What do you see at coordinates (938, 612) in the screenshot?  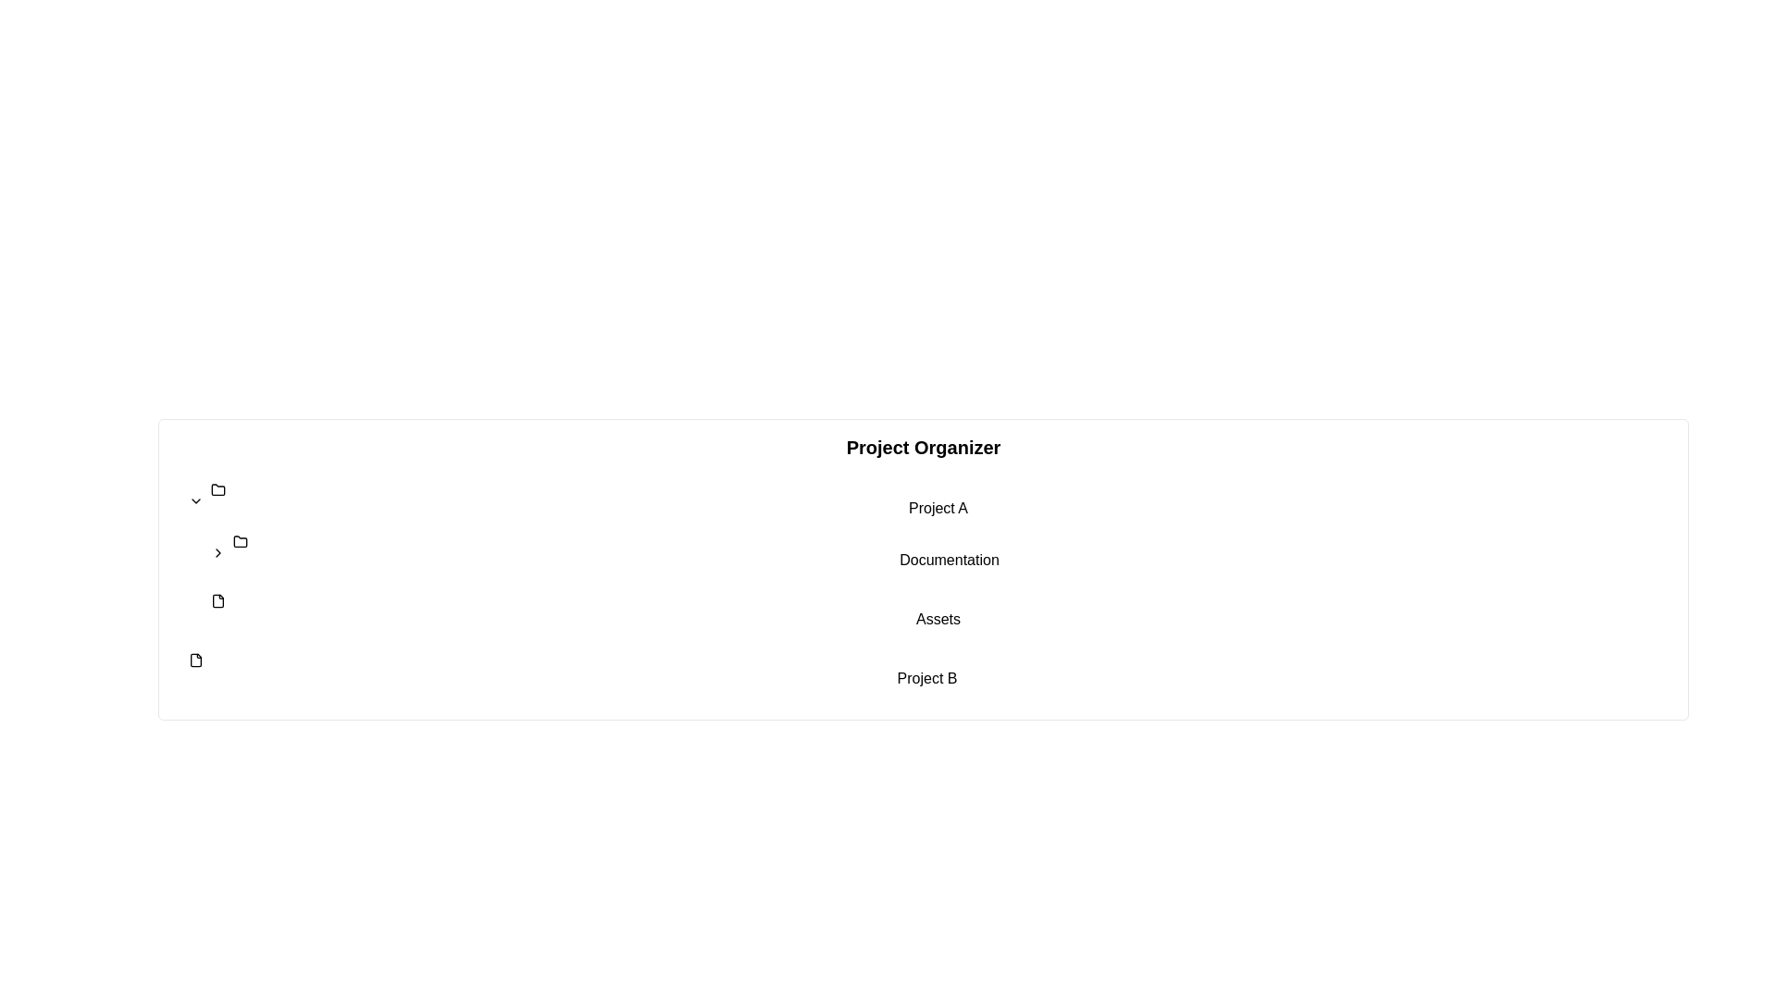 I see `the 'Assets' text label, which is the second entry in the 'Documentation Assets' section` at bounding box center [938, 612].